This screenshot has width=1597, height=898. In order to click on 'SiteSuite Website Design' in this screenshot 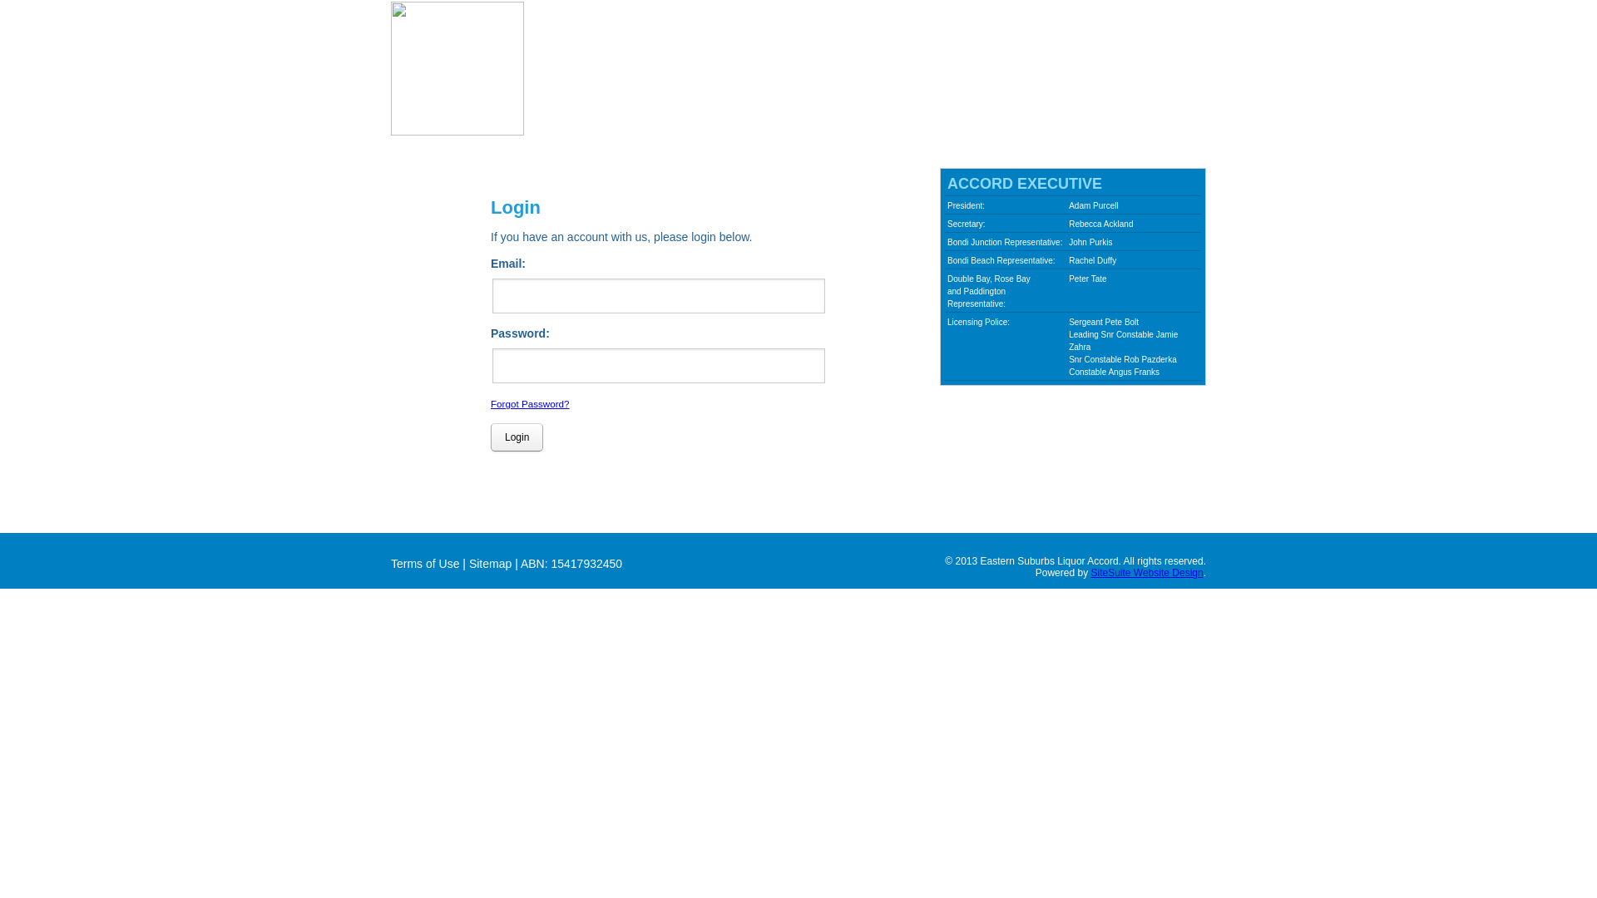, I will do `click(1145, 572)`.